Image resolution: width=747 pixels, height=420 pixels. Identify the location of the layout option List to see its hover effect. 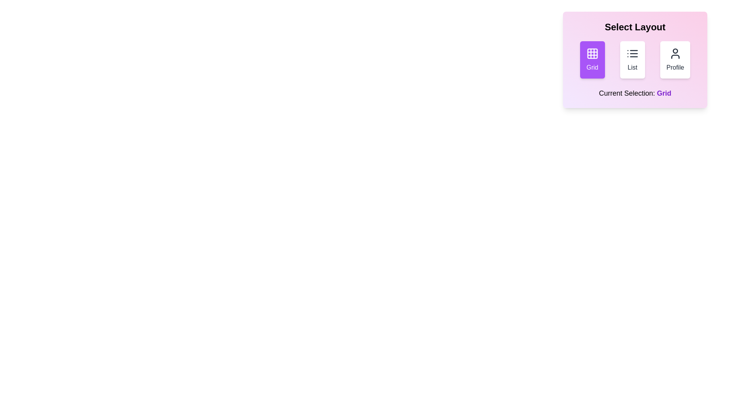
(632, 59).